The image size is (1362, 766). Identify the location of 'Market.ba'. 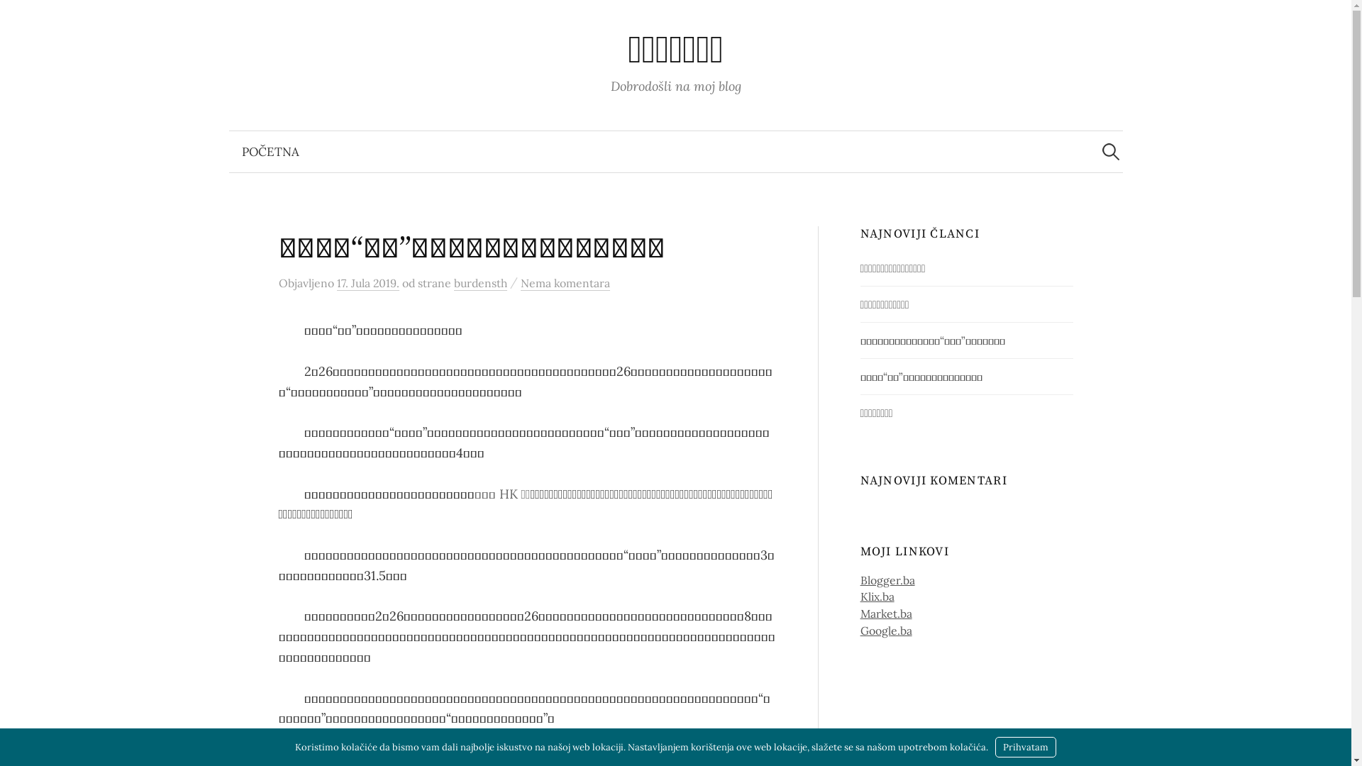
(885, 612).